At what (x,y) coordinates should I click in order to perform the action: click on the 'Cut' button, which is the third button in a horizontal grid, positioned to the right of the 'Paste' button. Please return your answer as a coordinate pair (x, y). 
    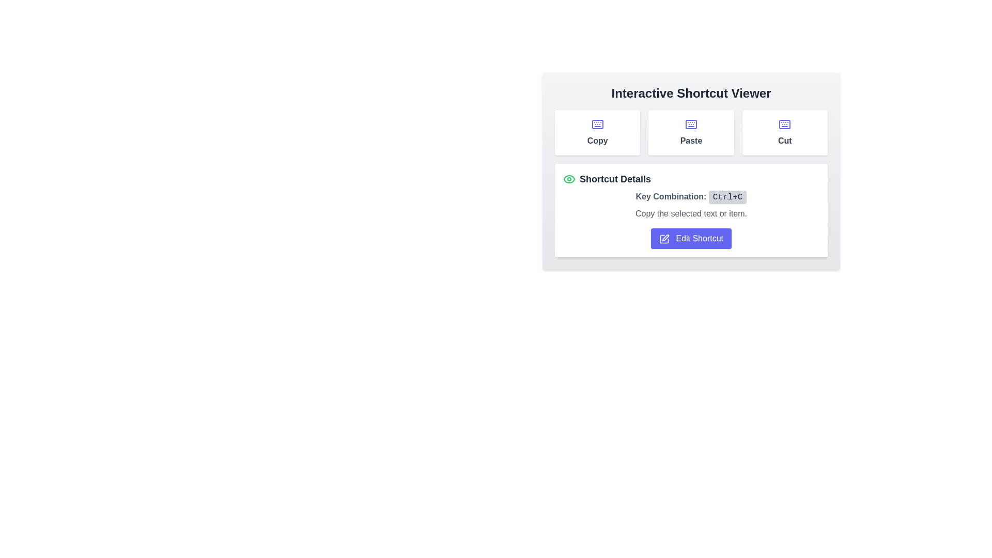
    Looking at the image, I should click on (784, 132).